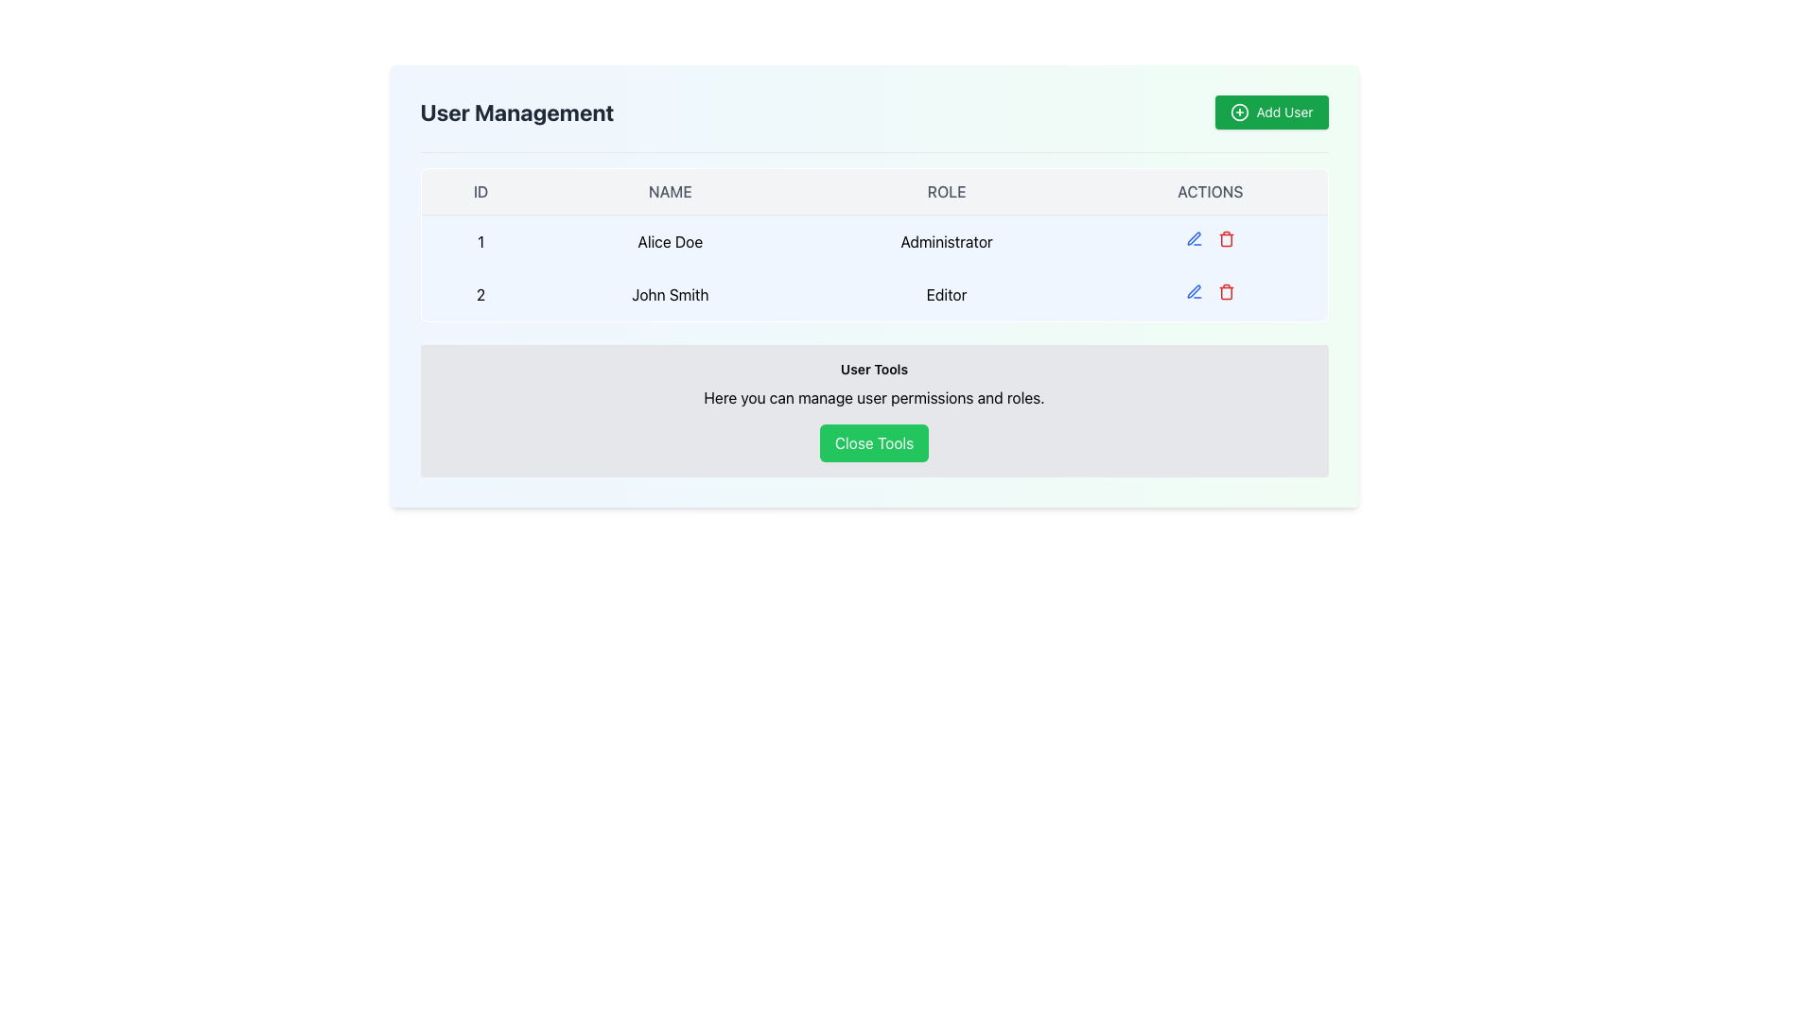 This screenshot has height=1021, width=1816. I want to click on the close button located below the user permissions and roles description to change its color, so click(873, 443).